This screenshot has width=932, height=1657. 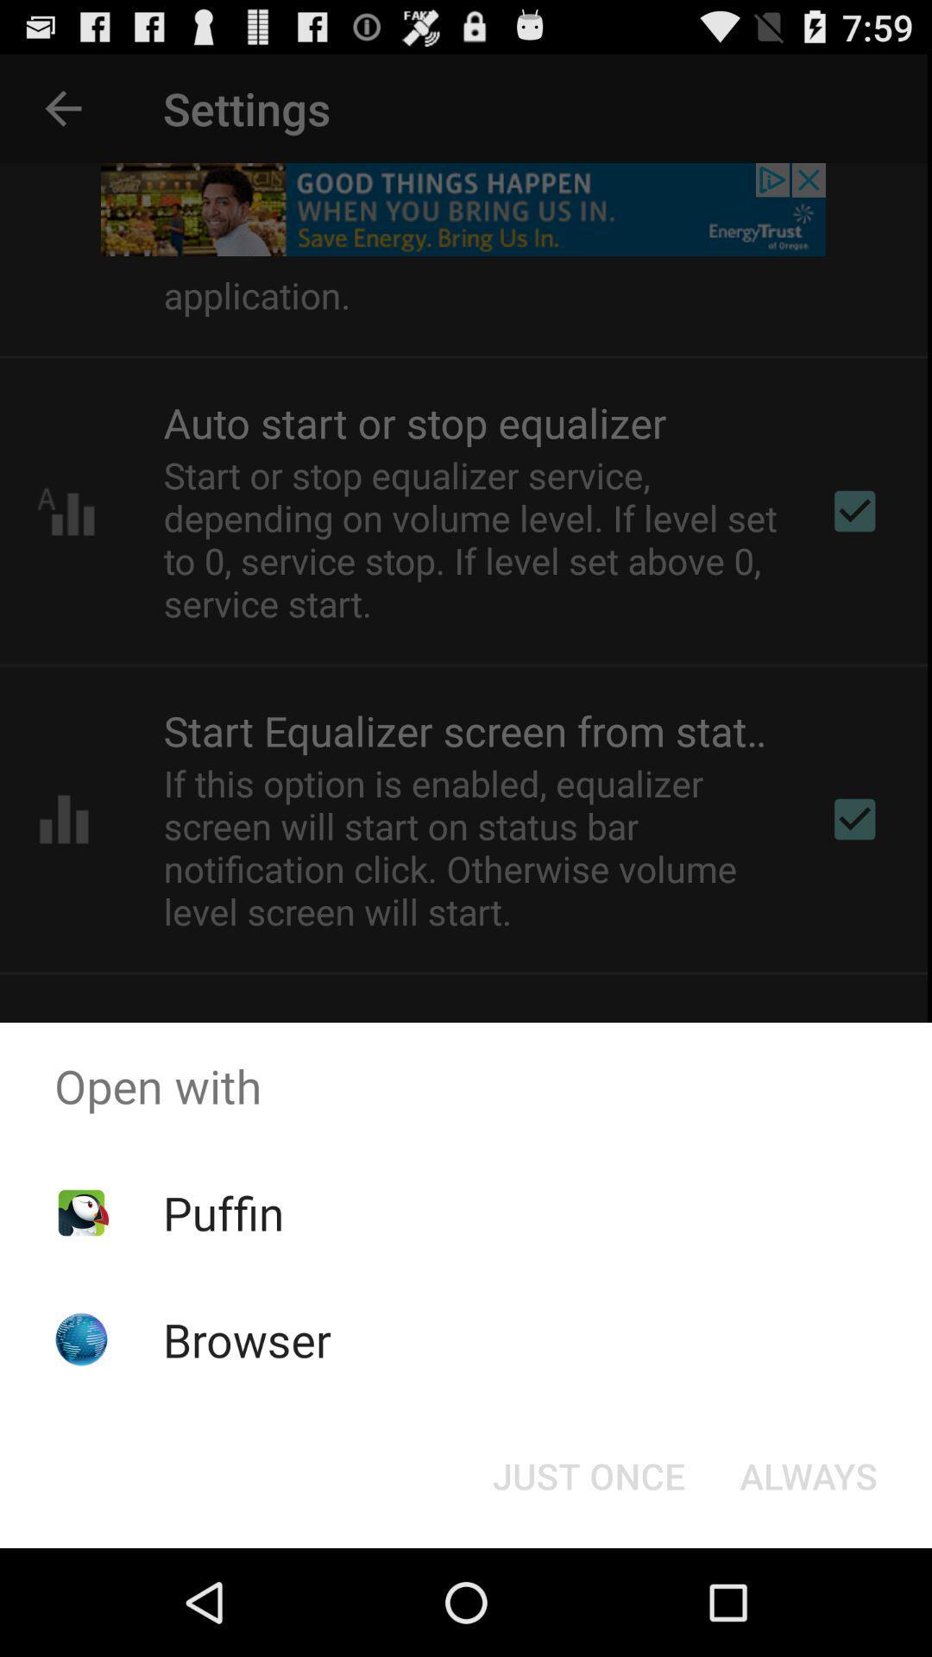 What do you see at coordinates (809, 1474) in the screenshot?
I see `always icon` at bounding box center [809, 1474].